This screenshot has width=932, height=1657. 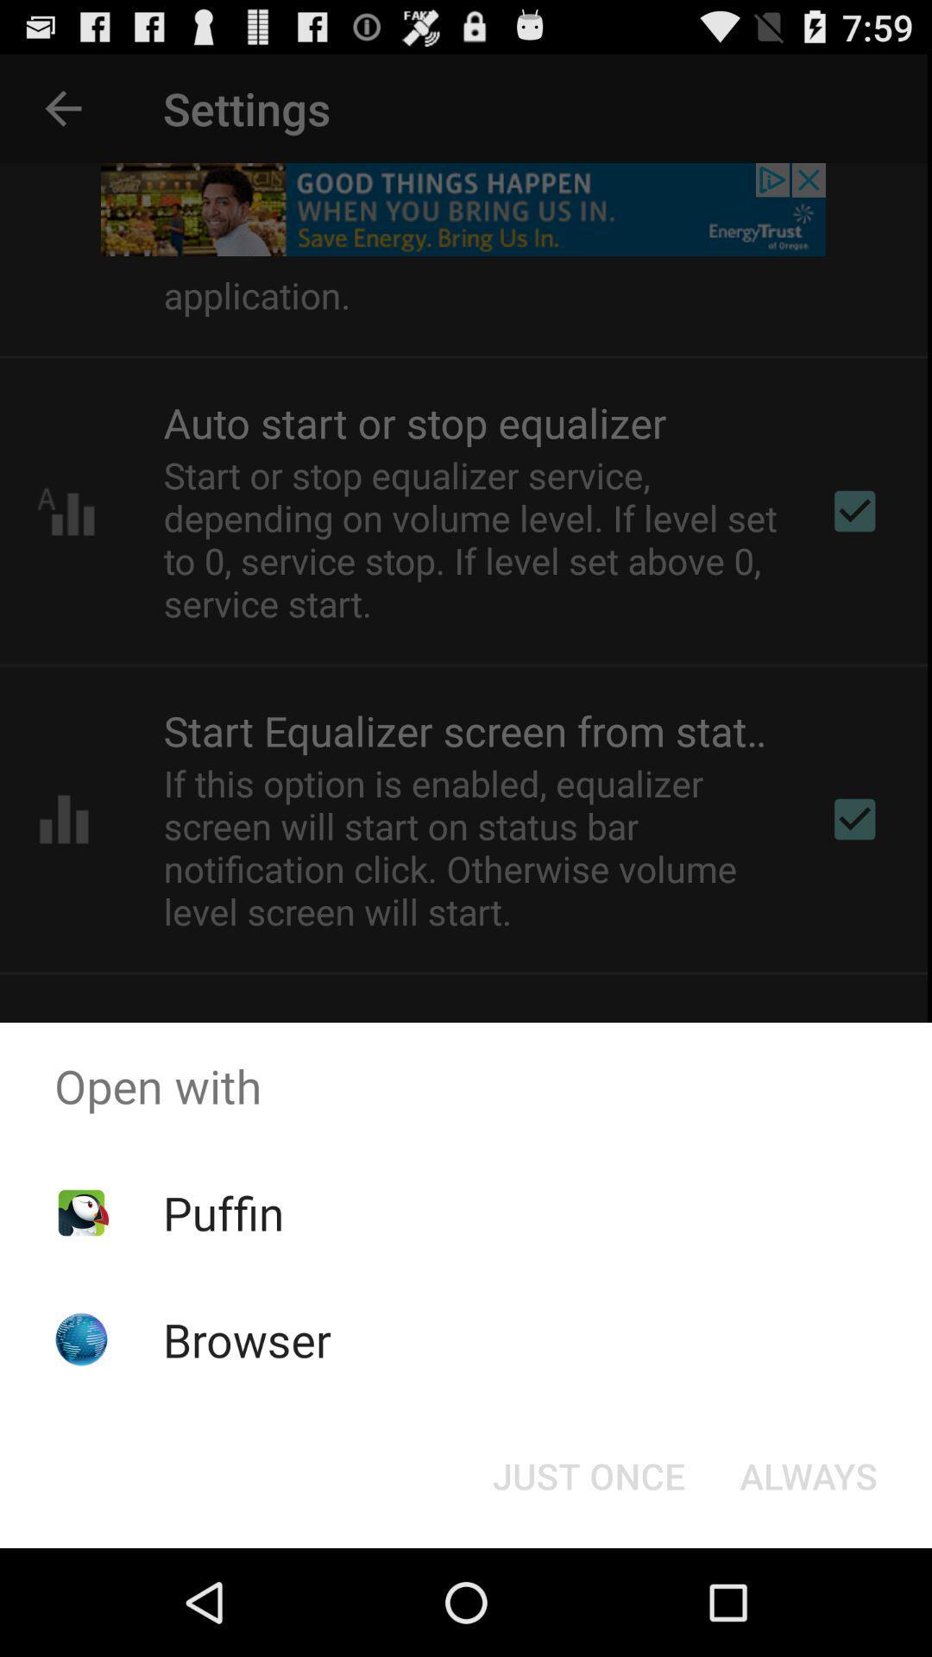 What do you see at coordinates (809, 1474) in the screenshot?
I see `always icon` at bounding box center [809, 1474].